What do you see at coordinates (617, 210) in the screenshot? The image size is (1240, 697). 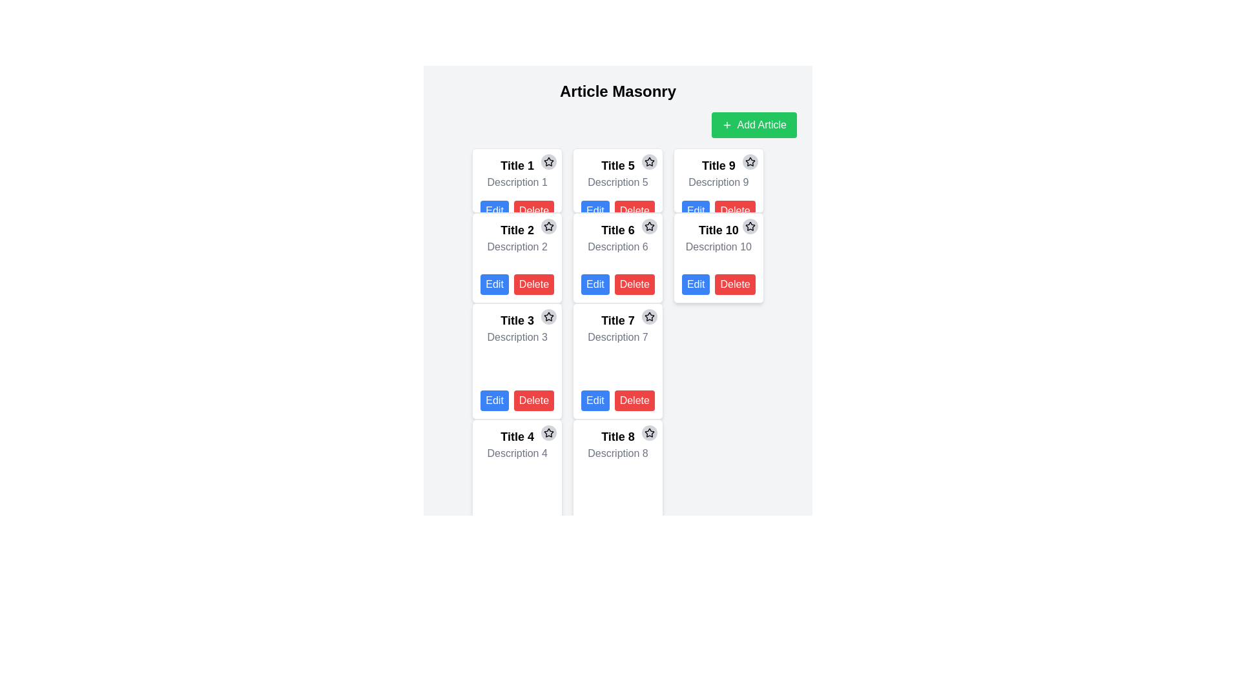 I see `the 'Delete' button in the horizontal button group located at the bottom of the card titled 'Title 5' to initiate deletion` at bounding box center [617, 210].